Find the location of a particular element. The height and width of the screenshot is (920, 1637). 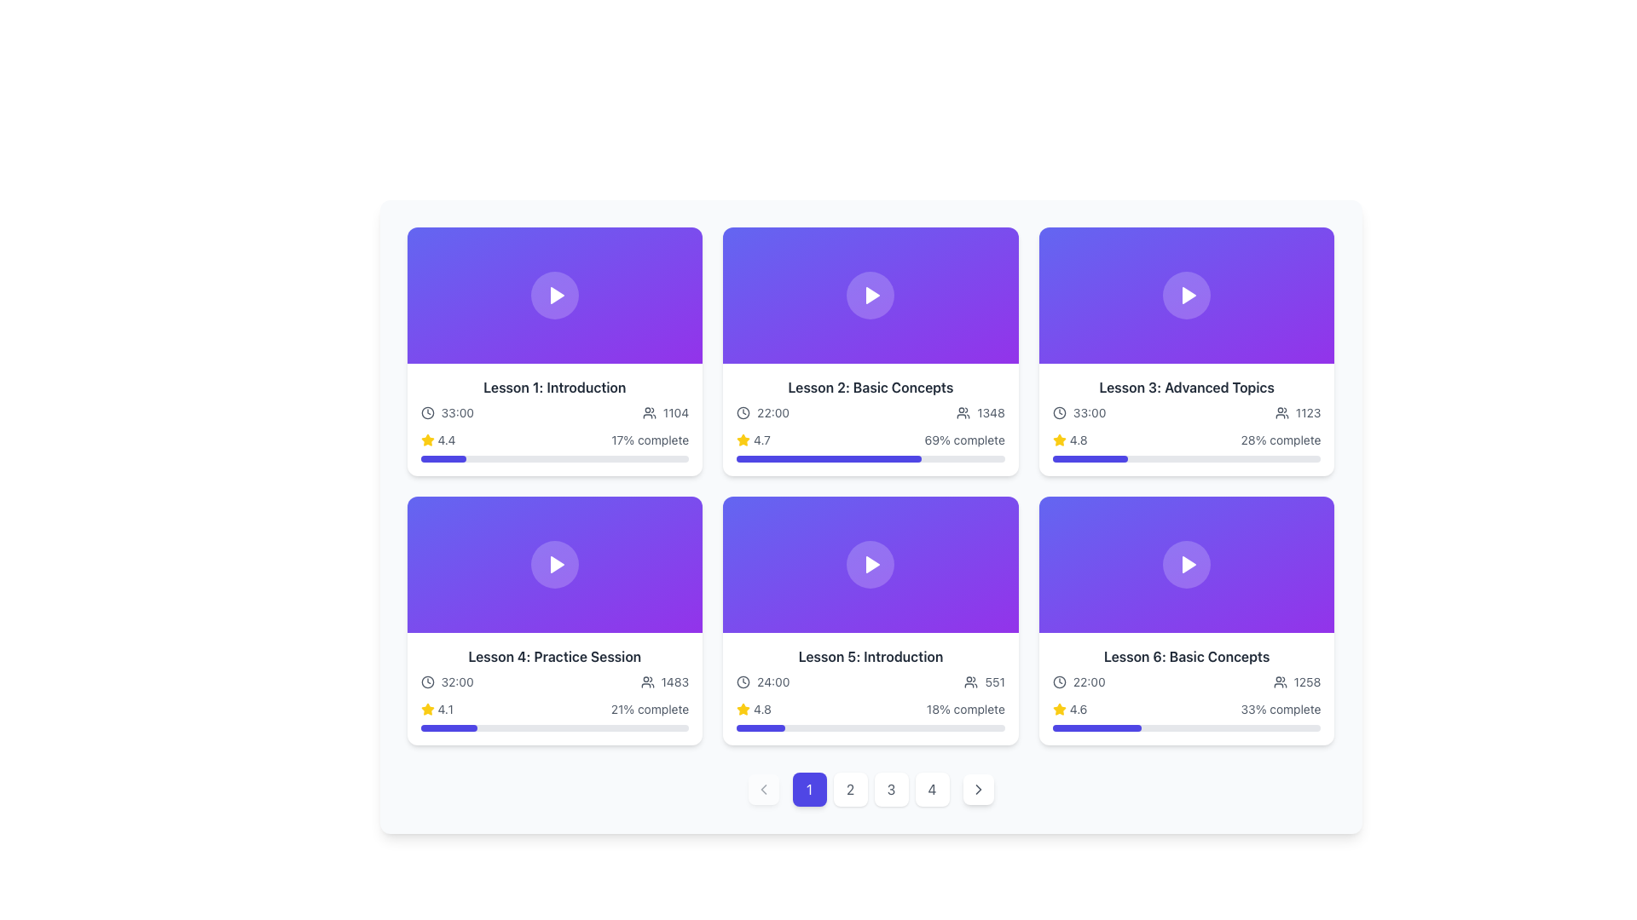

the play icon in the 'Lesson 1: Introduction' card to trigger a tooltip is located at coordinates (557, 295).